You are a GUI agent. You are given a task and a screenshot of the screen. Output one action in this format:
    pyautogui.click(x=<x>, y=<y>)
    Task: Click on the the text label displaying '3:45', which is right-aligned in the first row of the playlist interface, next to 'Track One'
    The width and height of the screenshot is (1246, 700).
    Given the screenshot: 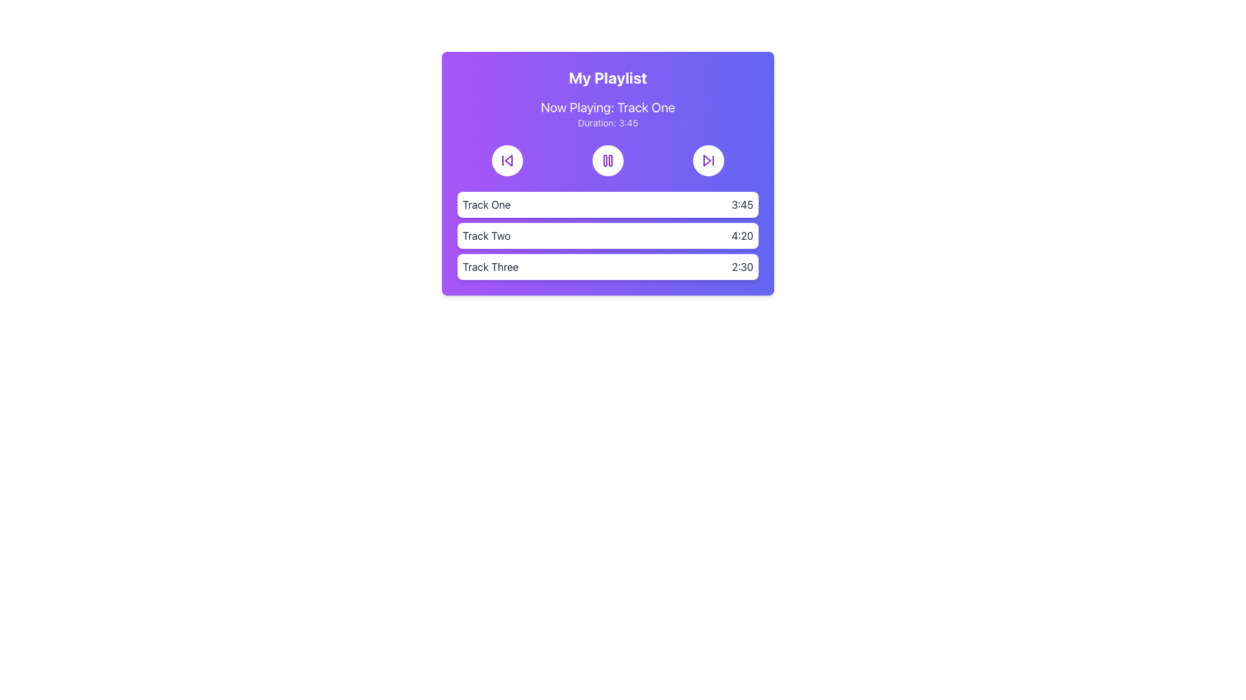 What is the action you would take?
    pyautogui.click(x=742, y=204)
    